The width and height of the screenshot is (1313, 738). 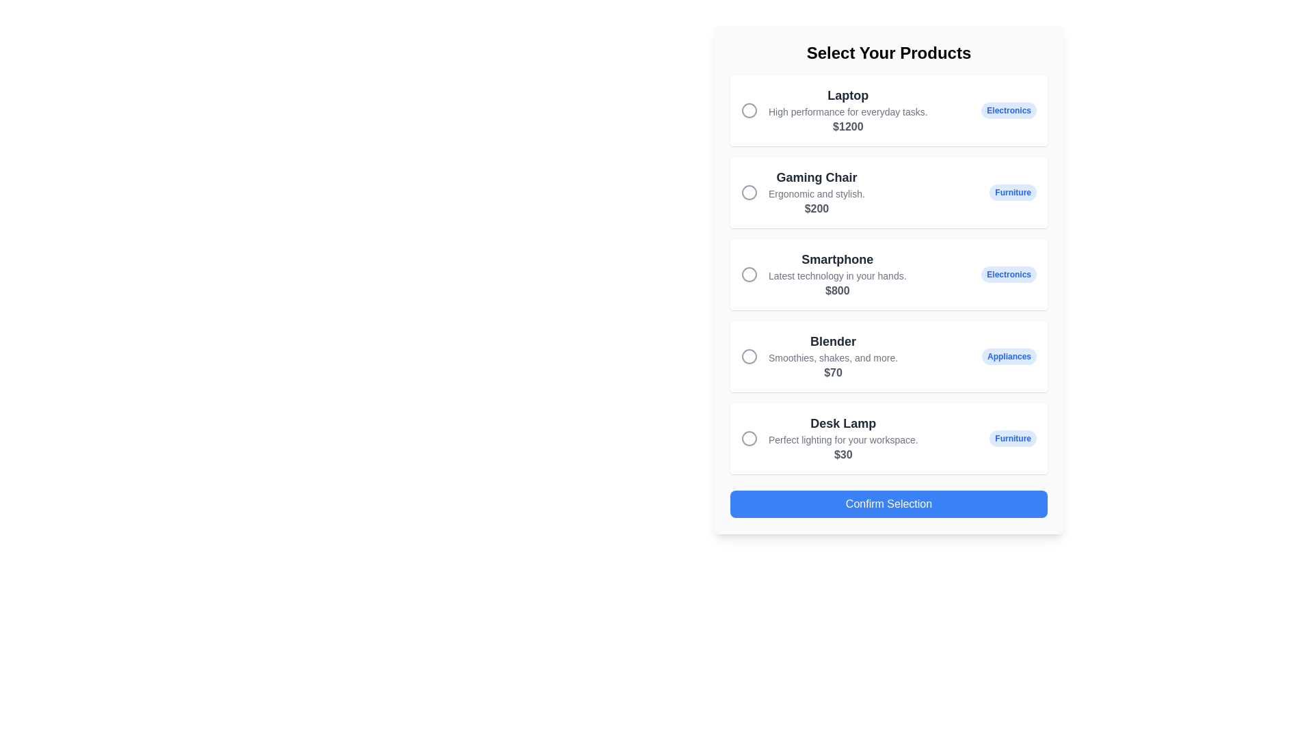 I want to click on 'Electronics' badge located in the topmost product listing card, styled with a light blue background and bold blue text, aligned with the price '$1200', so click(x=1009, y=110).